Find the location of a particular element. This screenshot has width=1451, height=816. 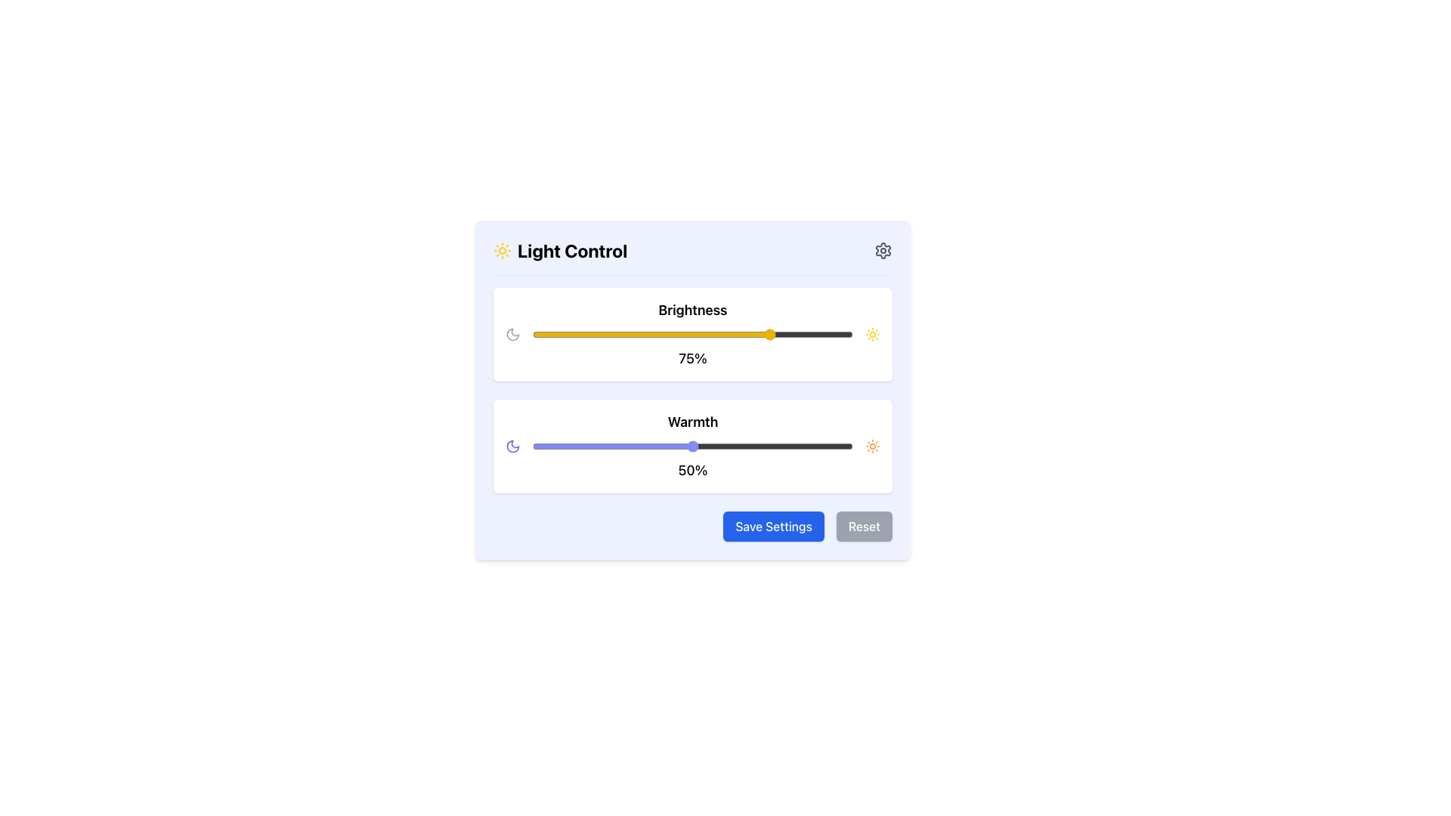

warmth is located at coordinates (645, 445).